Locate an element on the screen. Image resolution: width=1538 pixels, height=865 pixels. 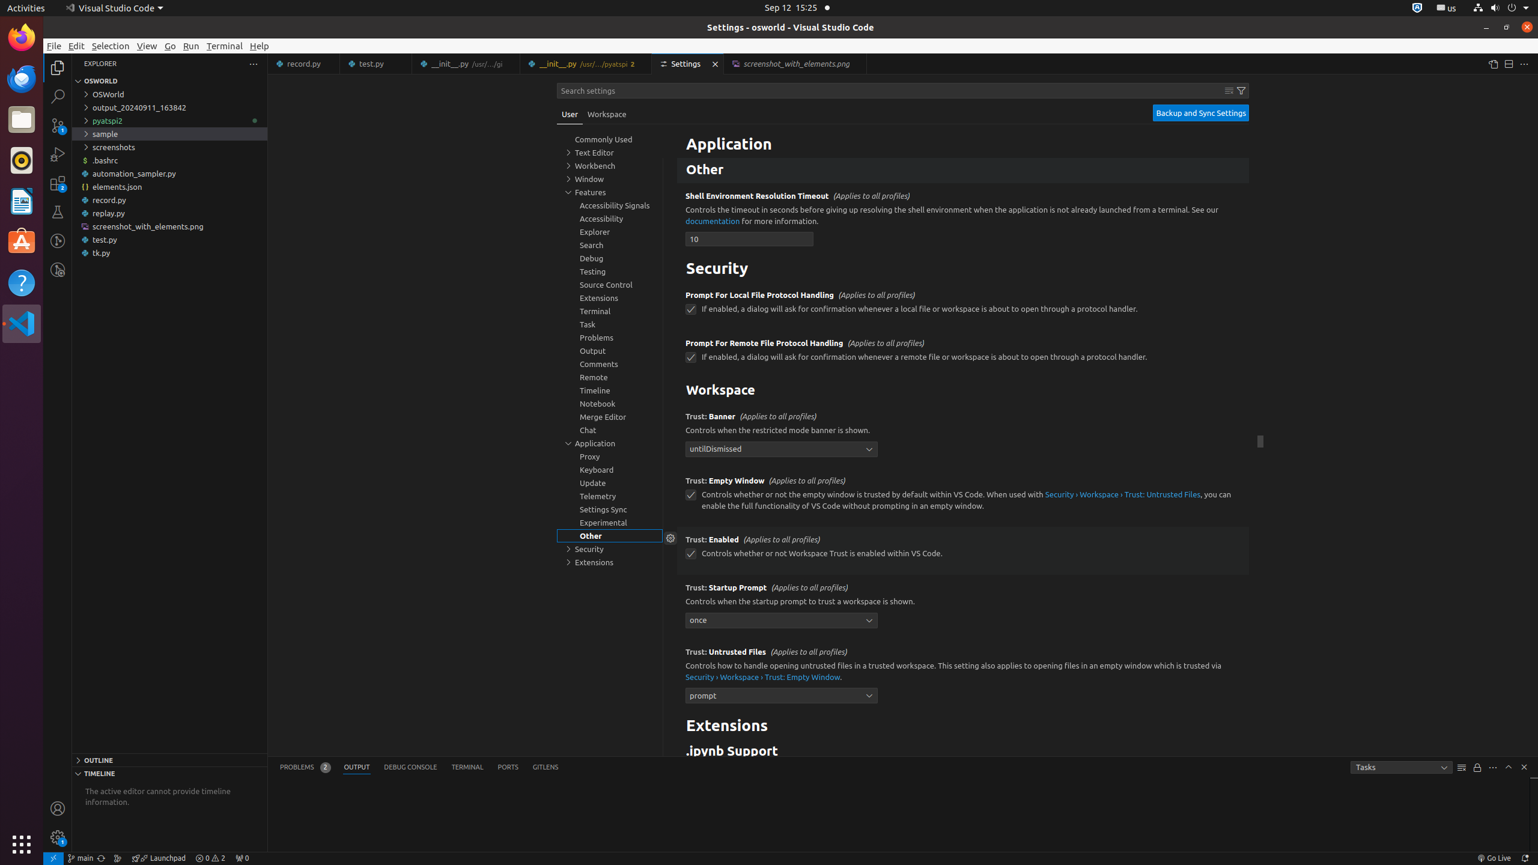
'Security, group' is located at coordinates (610, 548).